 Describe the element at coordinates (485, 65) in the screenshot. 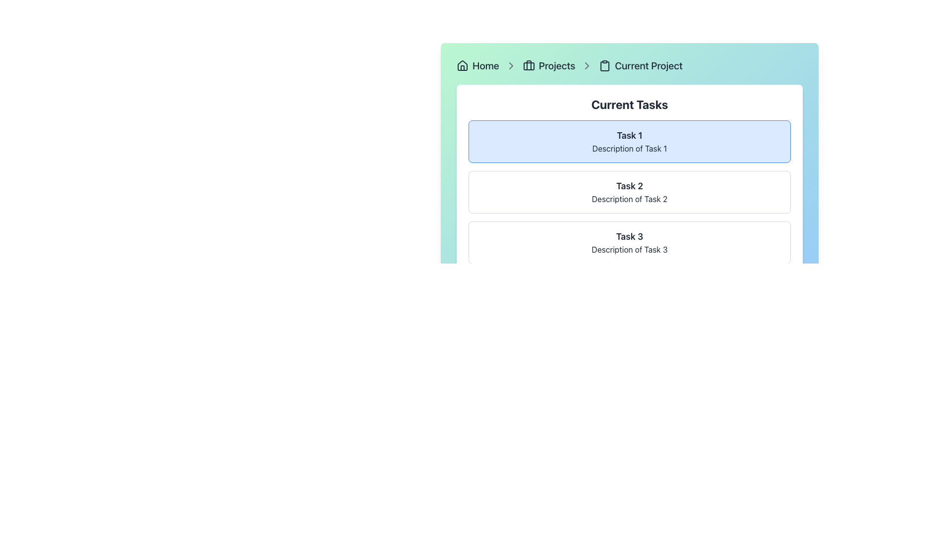

I see `the interactive text link in the breadcrumb navigation bar` at that location.